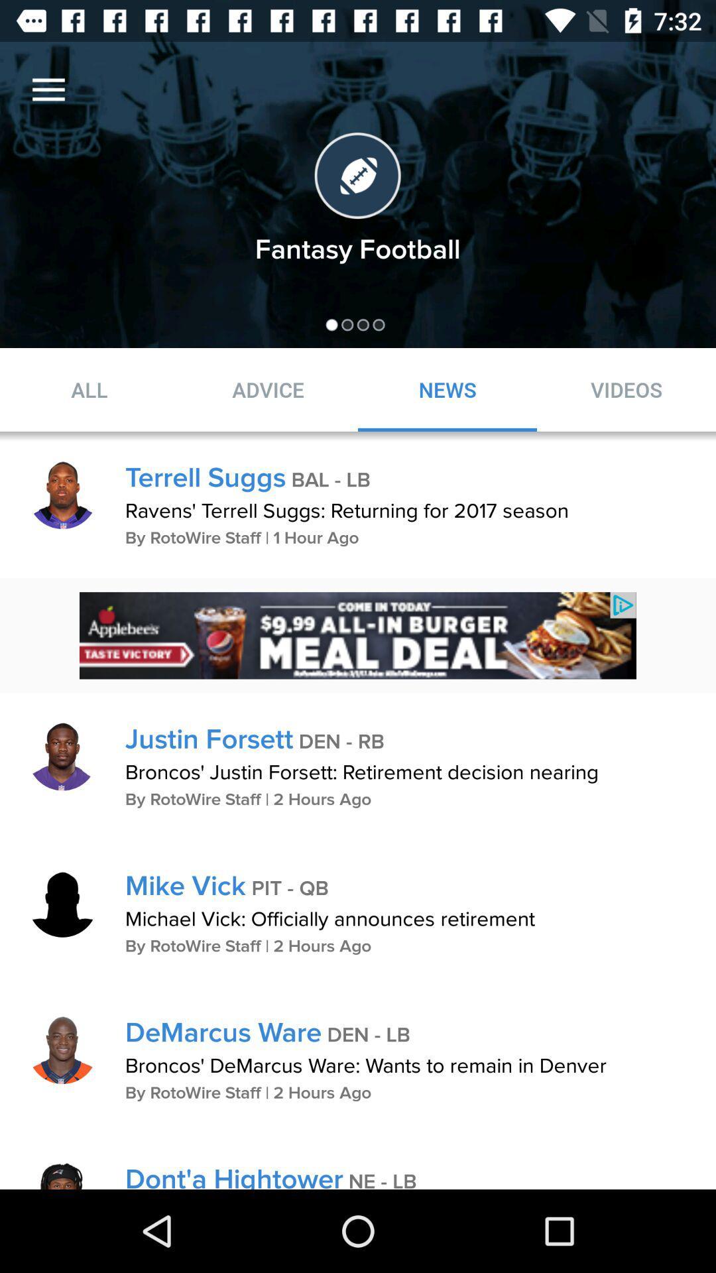 This screenshot has width=716, height=1273. I want to click on the text news, so click(447, 389).